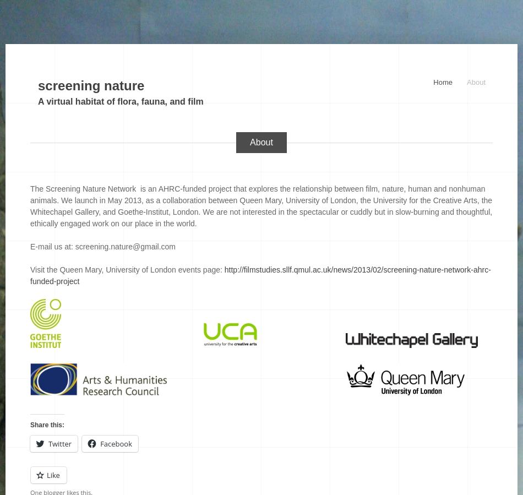 The width and height of the screenshot is (523, 495). What do you see at coordinates (59, 444) in the screenshot?
I see `'Twitter'` at bounding box center [59, 444].